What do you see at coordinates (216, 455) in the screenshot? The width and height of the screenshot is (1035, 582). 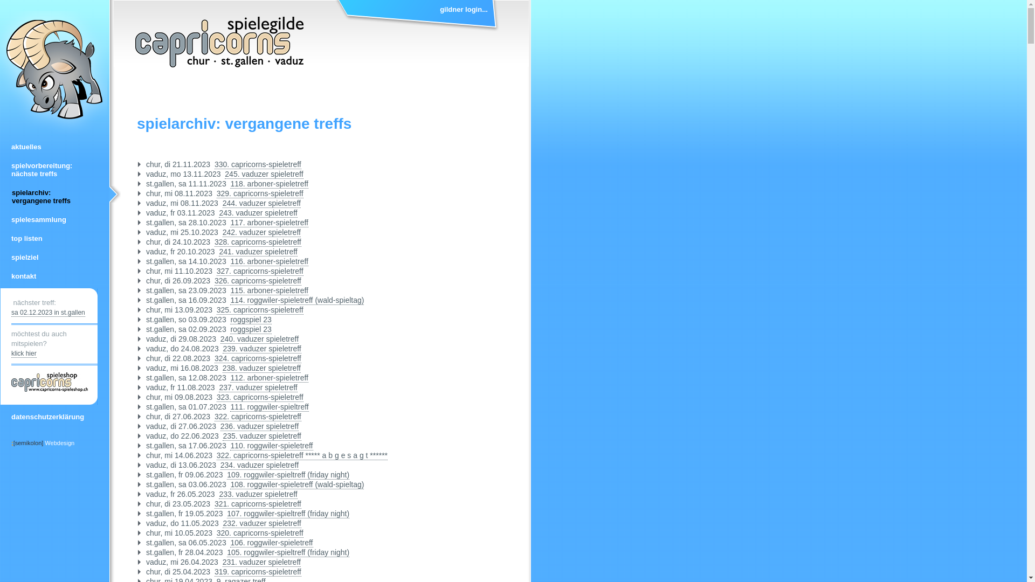 I see `'322. capricorns-spieletreff ***** a b g e s a g t ******'` at bounding box center [216, 455].